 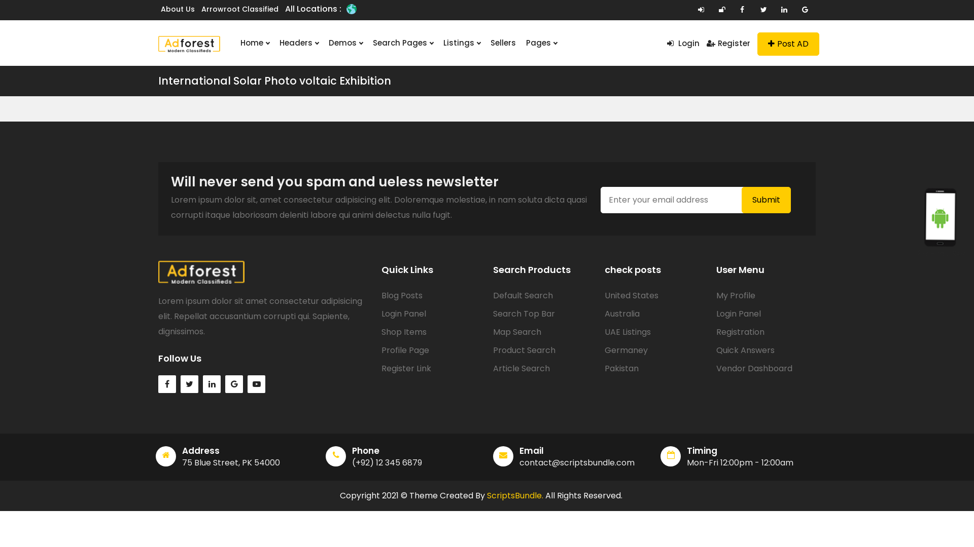 What do you see at coordinates (515, 495) in the screenshot?
I see `'ScriptsBundle.'` at bounding box center [515, 495].